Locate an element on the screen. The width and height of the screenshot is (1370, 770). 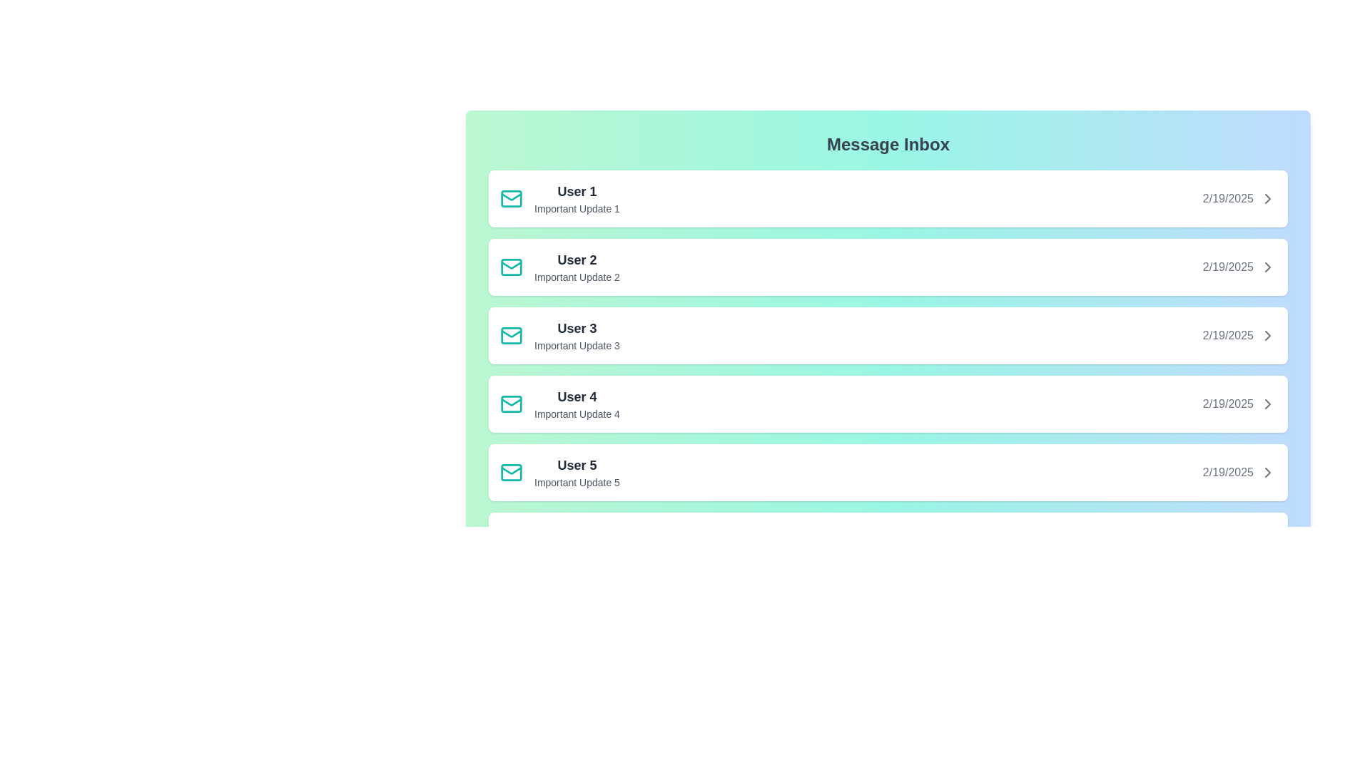
the message from User 5 to highlight it is located at coordinates (887, 473).